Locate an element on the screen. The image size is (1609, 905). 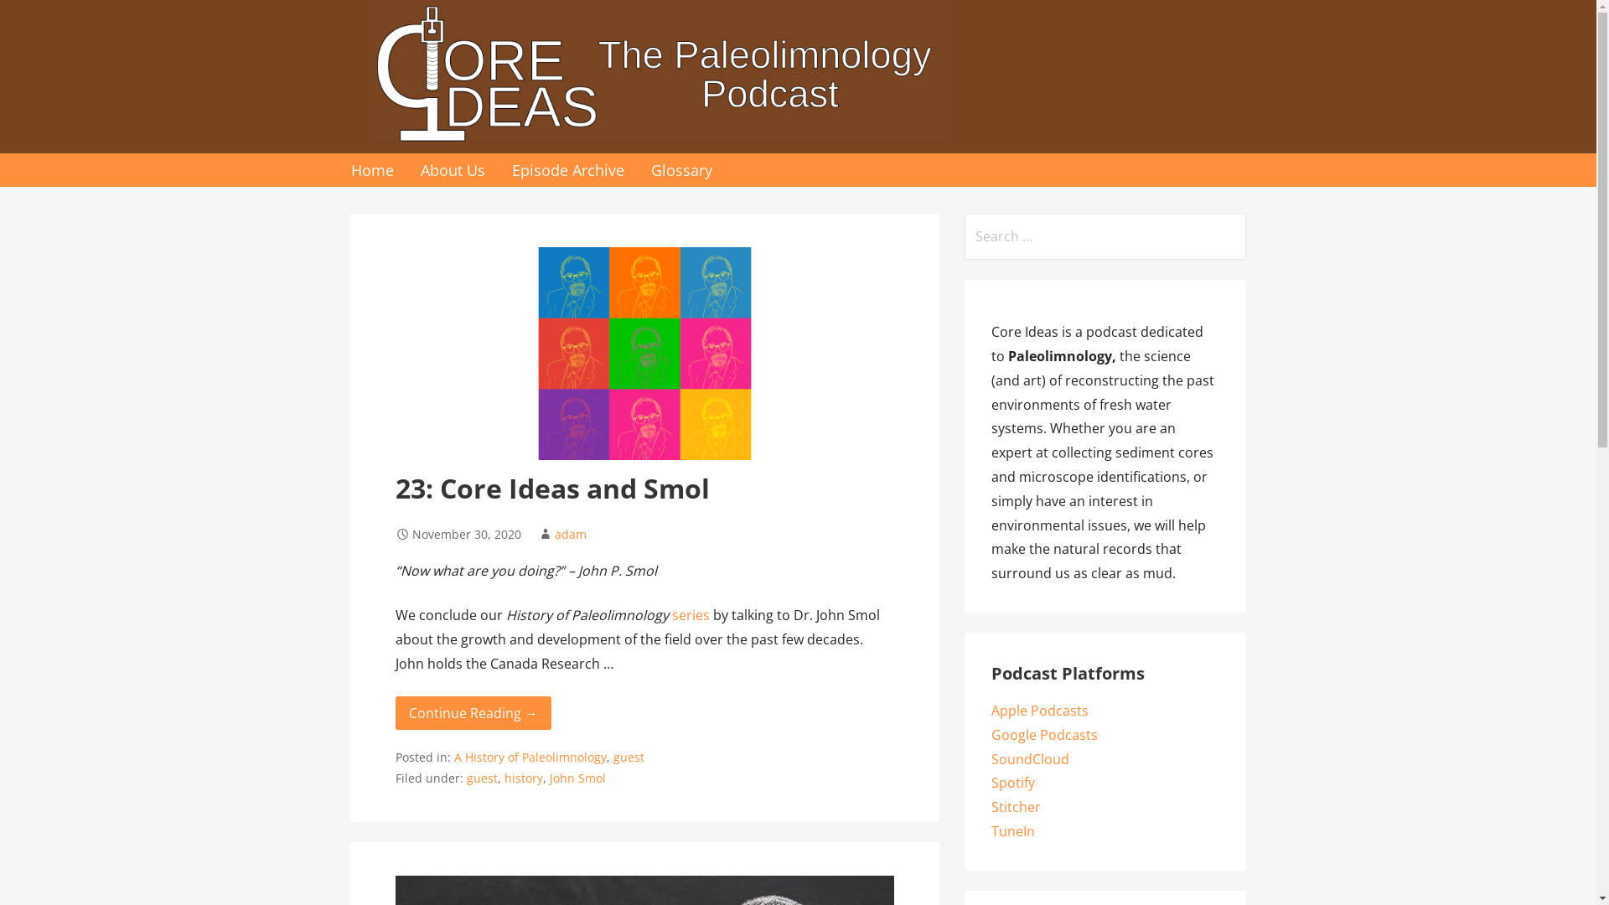
'Google Podcasts' is located at coordinates (991, 733).